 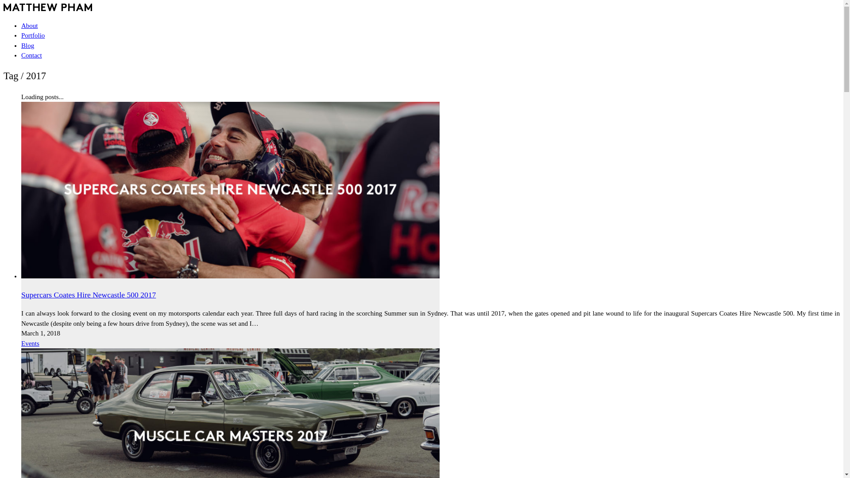 What do you see at coordinates (30, 343) in the screenshot?
I see `'Events'` at bounding box center [30, 343].